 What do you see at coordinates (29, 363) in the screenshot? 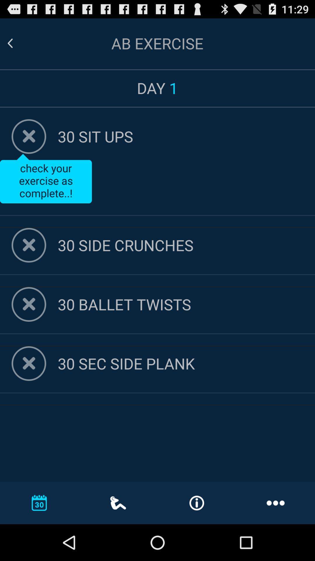
I see `indicates completion` at bounding box center [29, 363].